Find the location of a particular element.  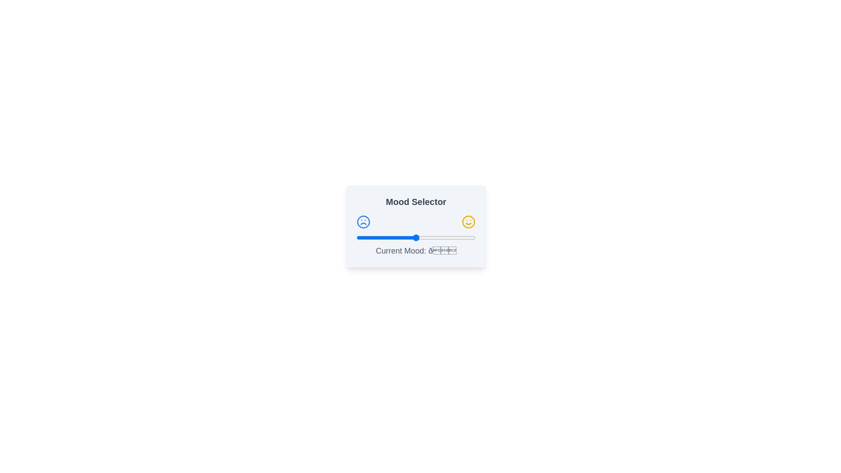

the slider to set the mood value to 4 is located at coordinates (361, 238).